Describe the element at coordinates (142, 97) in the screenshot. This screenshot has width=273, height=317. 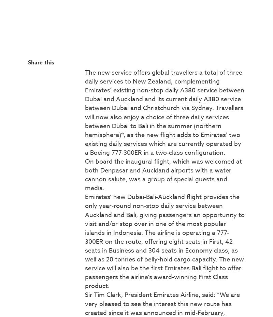
I see `'Flydubai touches down in Cairo and Poznań'` at that location.